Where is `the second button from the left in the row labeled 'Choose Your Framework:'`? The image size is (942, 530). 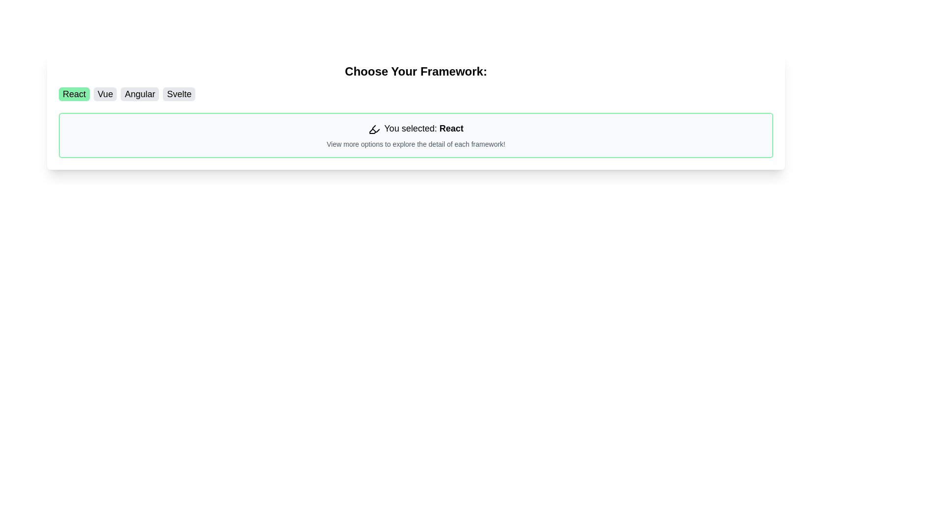 the second button from the left in the row labeled 'Choose Your Framework:' is located at coordinates (105, 94).